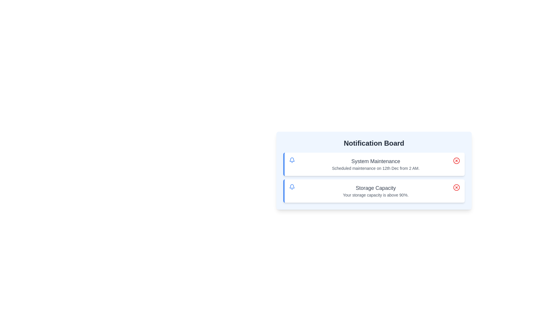 The width and height of the screenshot is (558, 314). What do you see at coordinates (374, 164) in the screenshot?
I see `the notification titled 'System Maintenance' to view its details` at bounding box center [374, 164].